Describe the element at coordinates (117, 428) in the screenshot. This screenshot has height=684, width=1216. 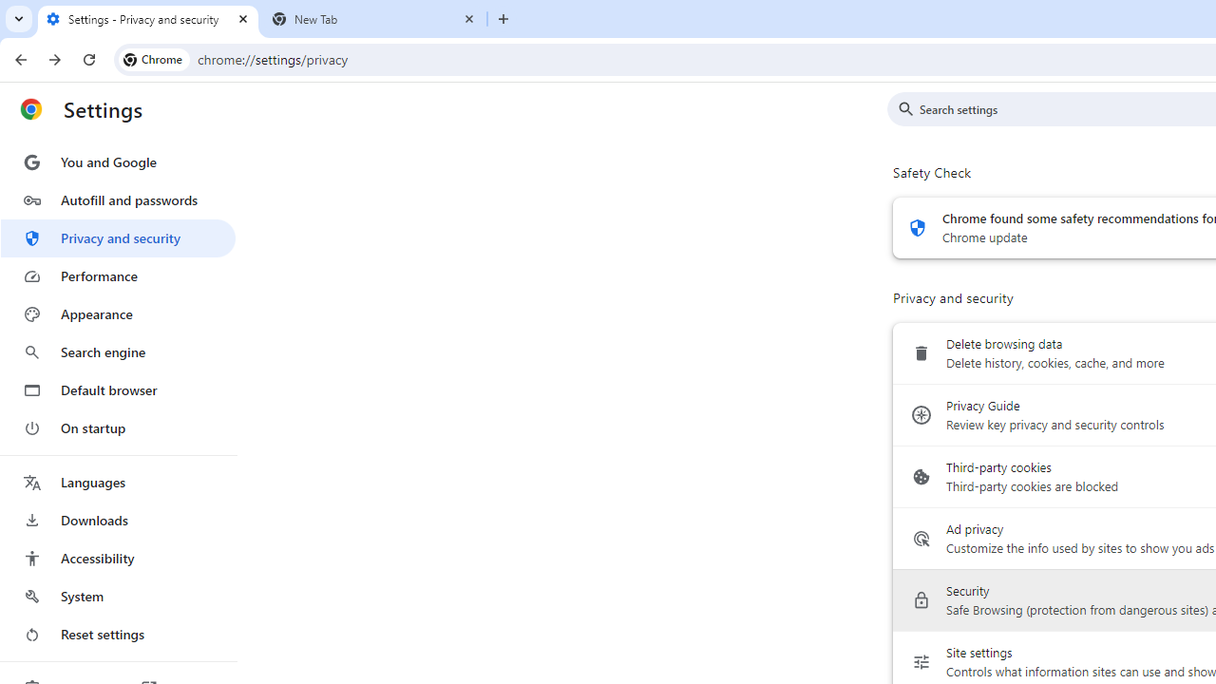
I see `'On startup'` at that location.